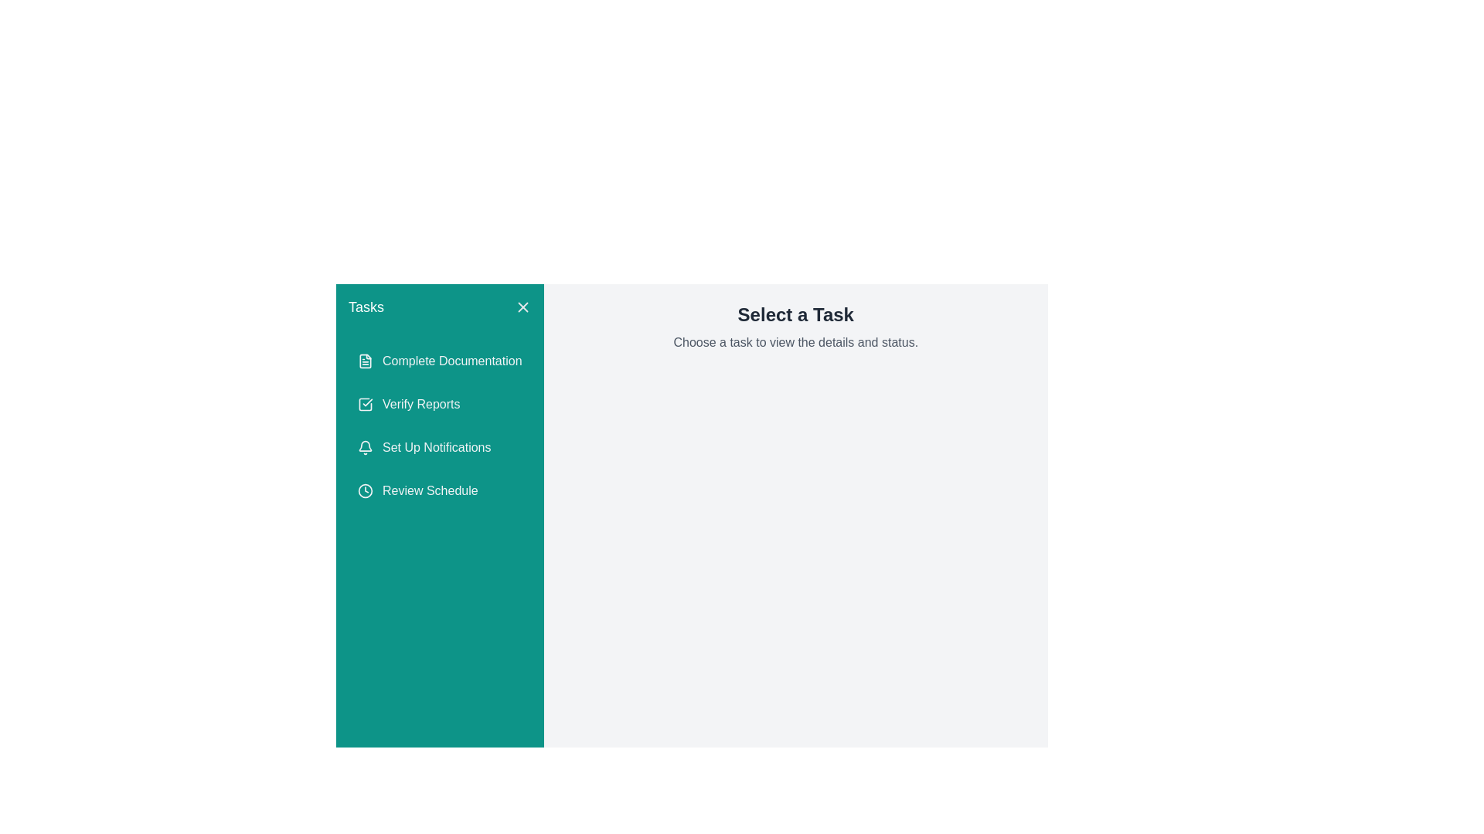 This screenshot has width=1484, height=834. What do you see at coordinates (439, 447) in the screenshot?
I see `the third navigation button in the teal sidebar that leads to the 'Set Up Notifications' page or dialog` at bounding box center [439, 447].